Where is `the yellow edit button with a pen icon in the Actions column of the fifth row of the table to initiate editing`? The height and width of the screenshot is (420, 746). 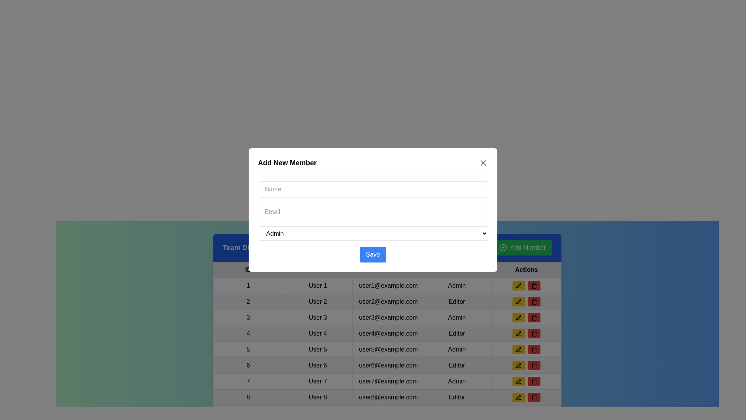
the yellow edit button with a pen icon in the Actions column of the fifth row of the table to initiate editing is located at coordinates (526, 349).